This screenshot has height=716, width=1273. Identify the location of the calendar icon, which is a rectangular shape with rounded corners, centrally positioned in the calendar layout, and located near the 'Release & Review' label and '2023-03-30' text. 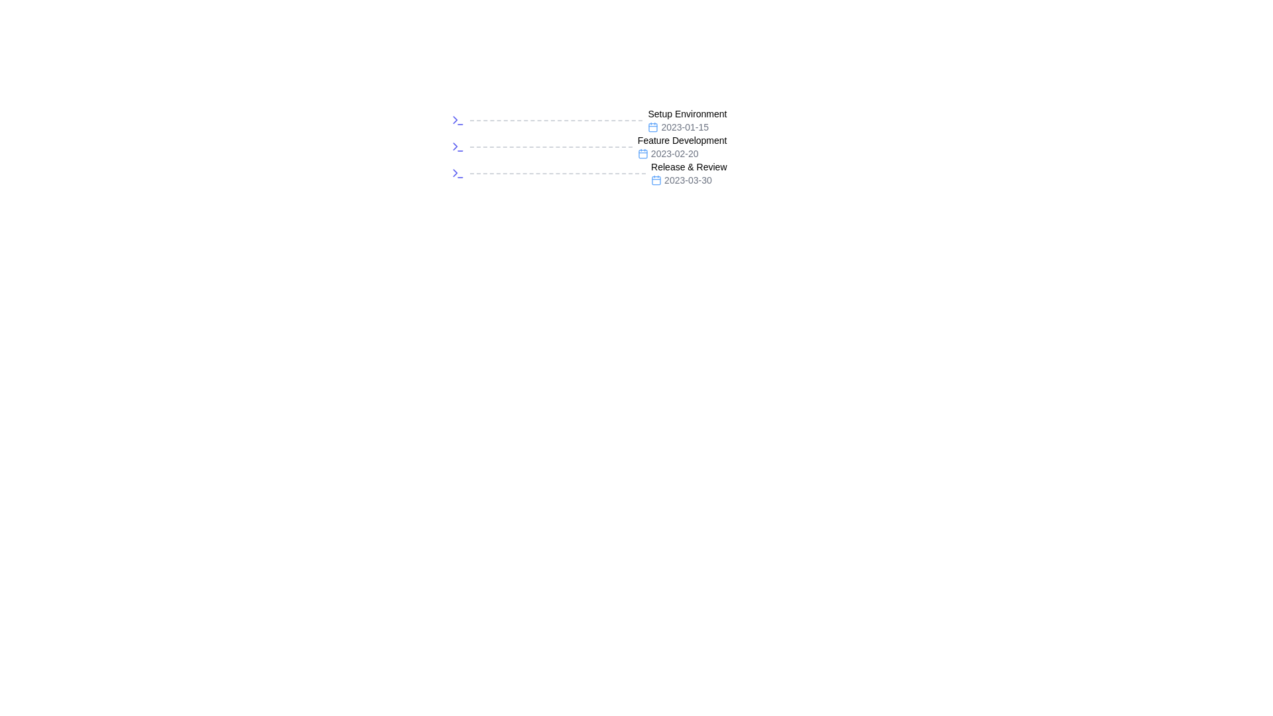
(656, 180).